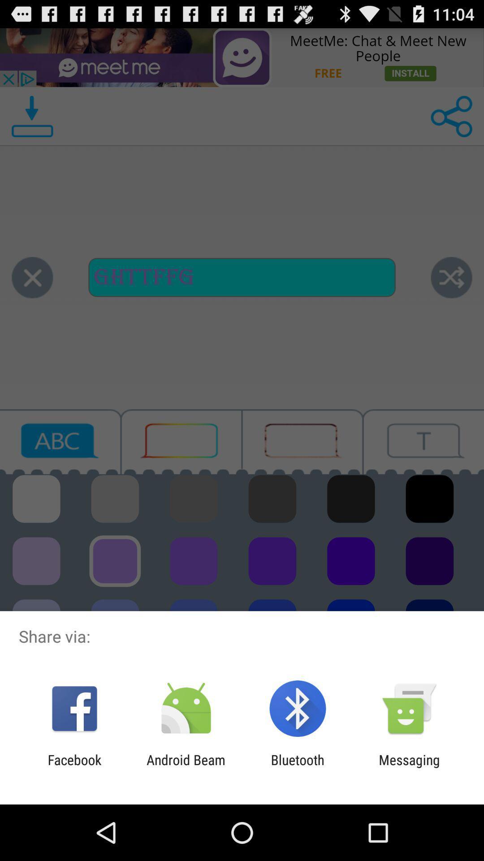 The width and height of the screenshot is (484, 861). Describe the element at coordinates (298, 767) in the screenshot. I see `bluetooth item` at that location.